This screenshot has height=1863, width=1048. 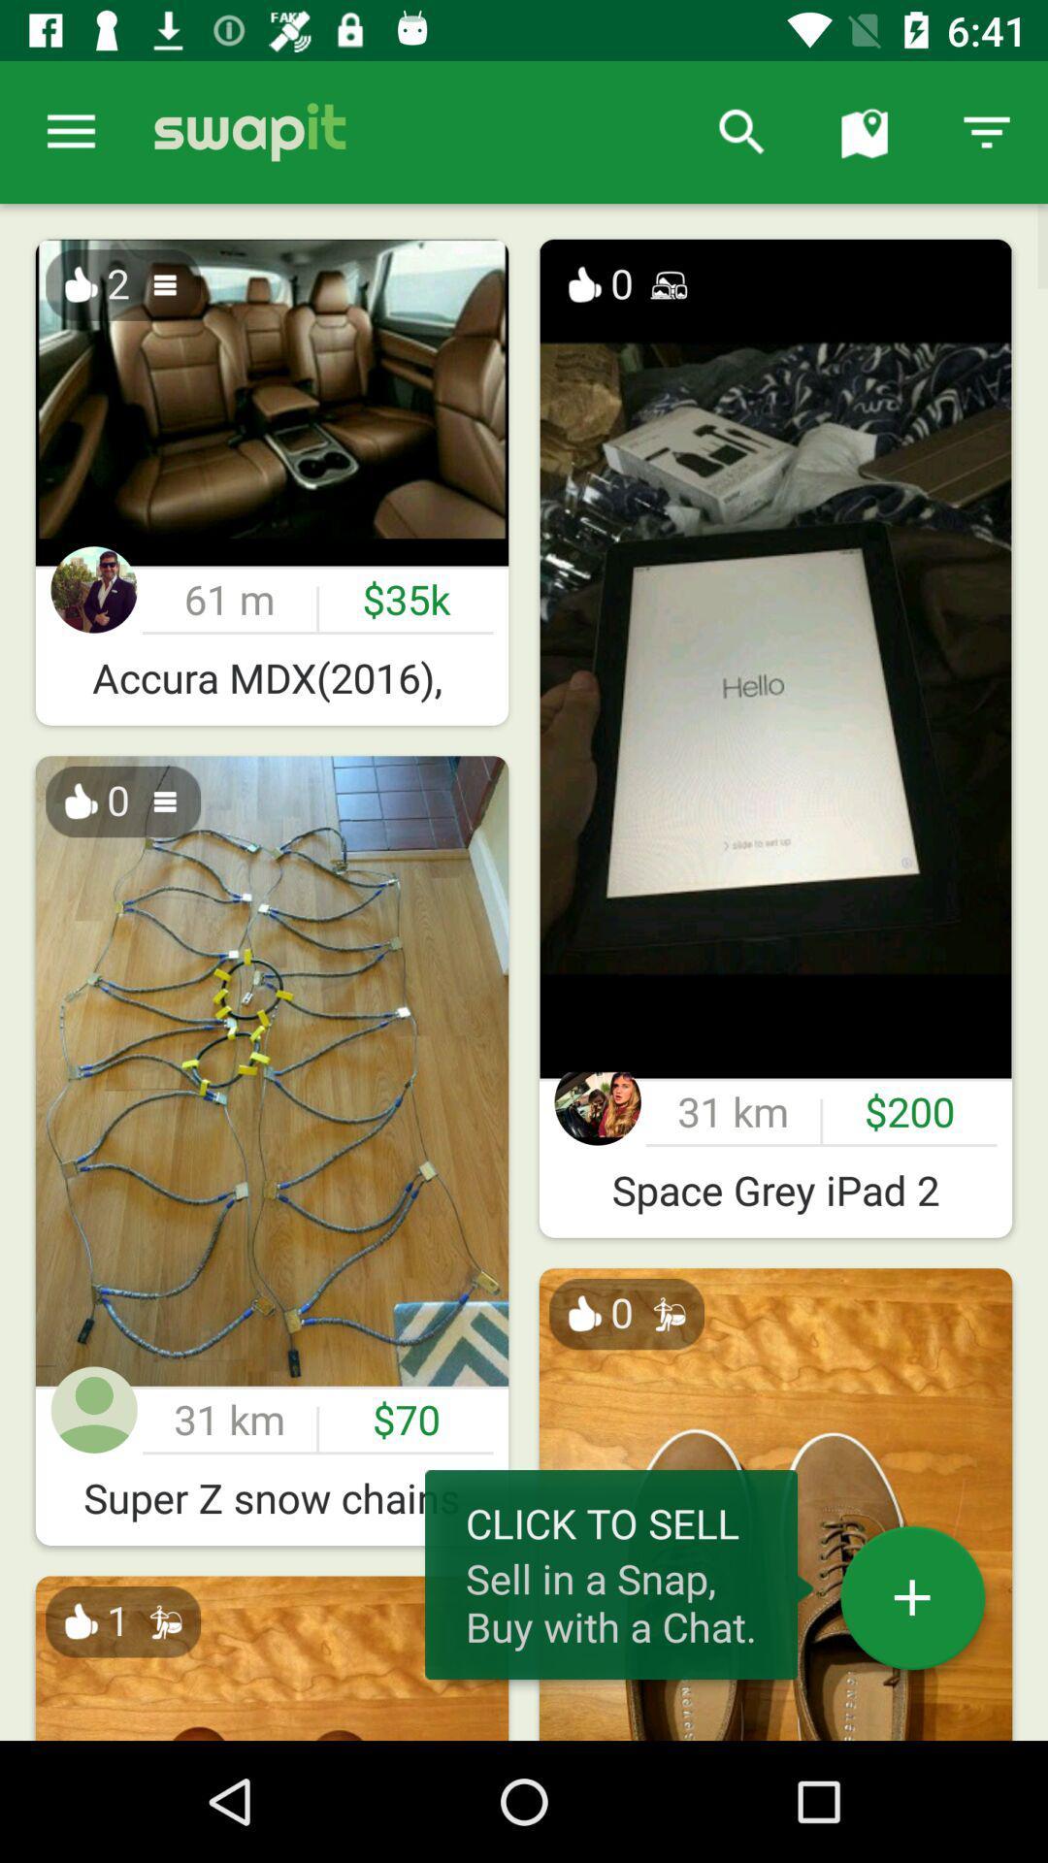 I want to click on the icon to the left of the swap icon, so click(x=70, y=131).